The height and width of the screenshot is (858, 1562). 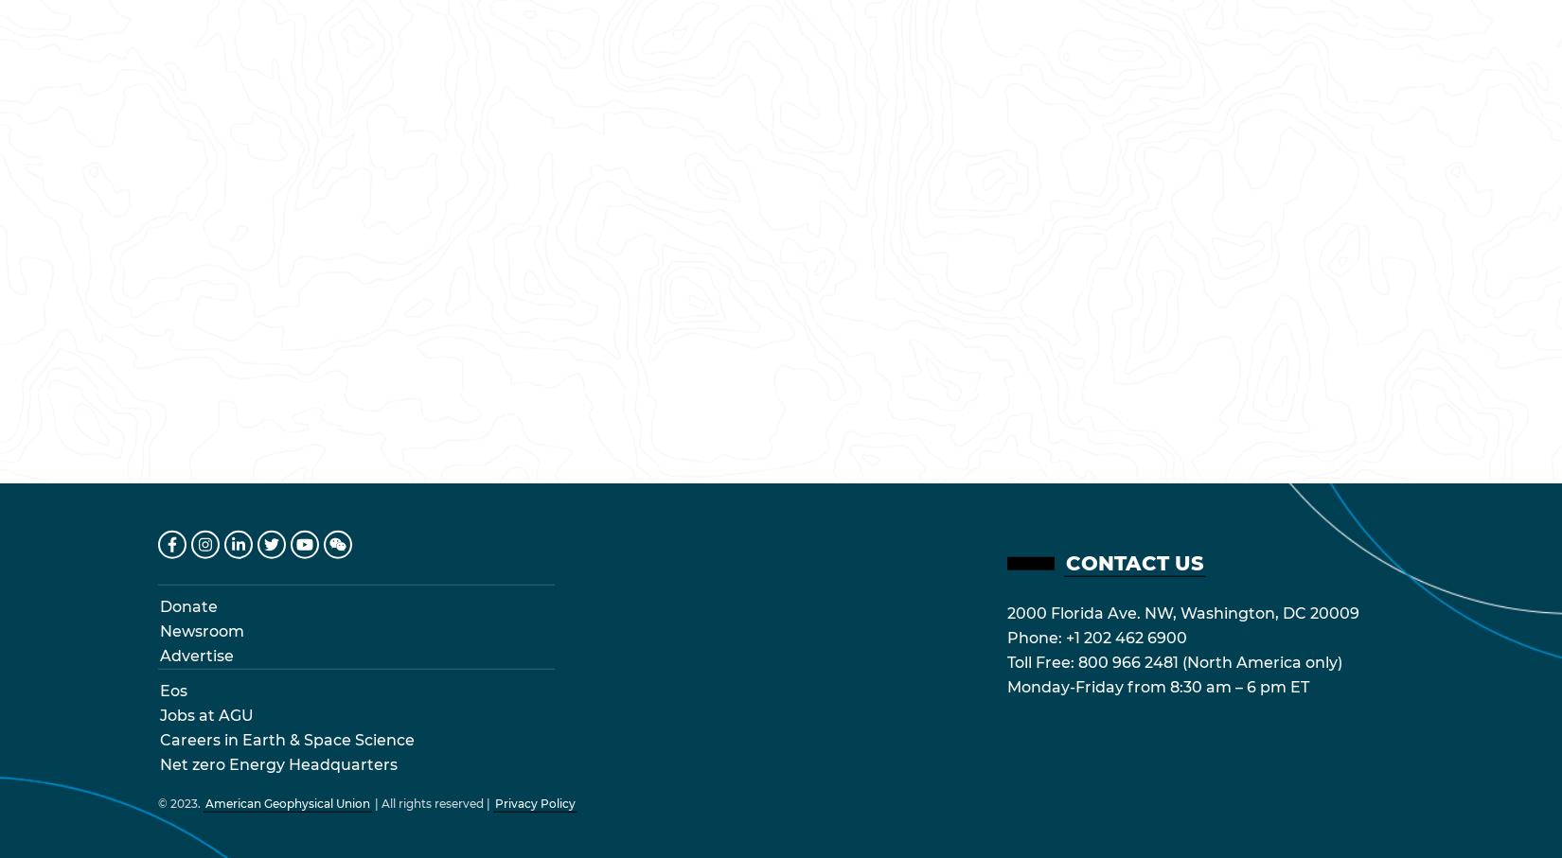 I want to click on 'Advertise', so click(x=159, y=654).